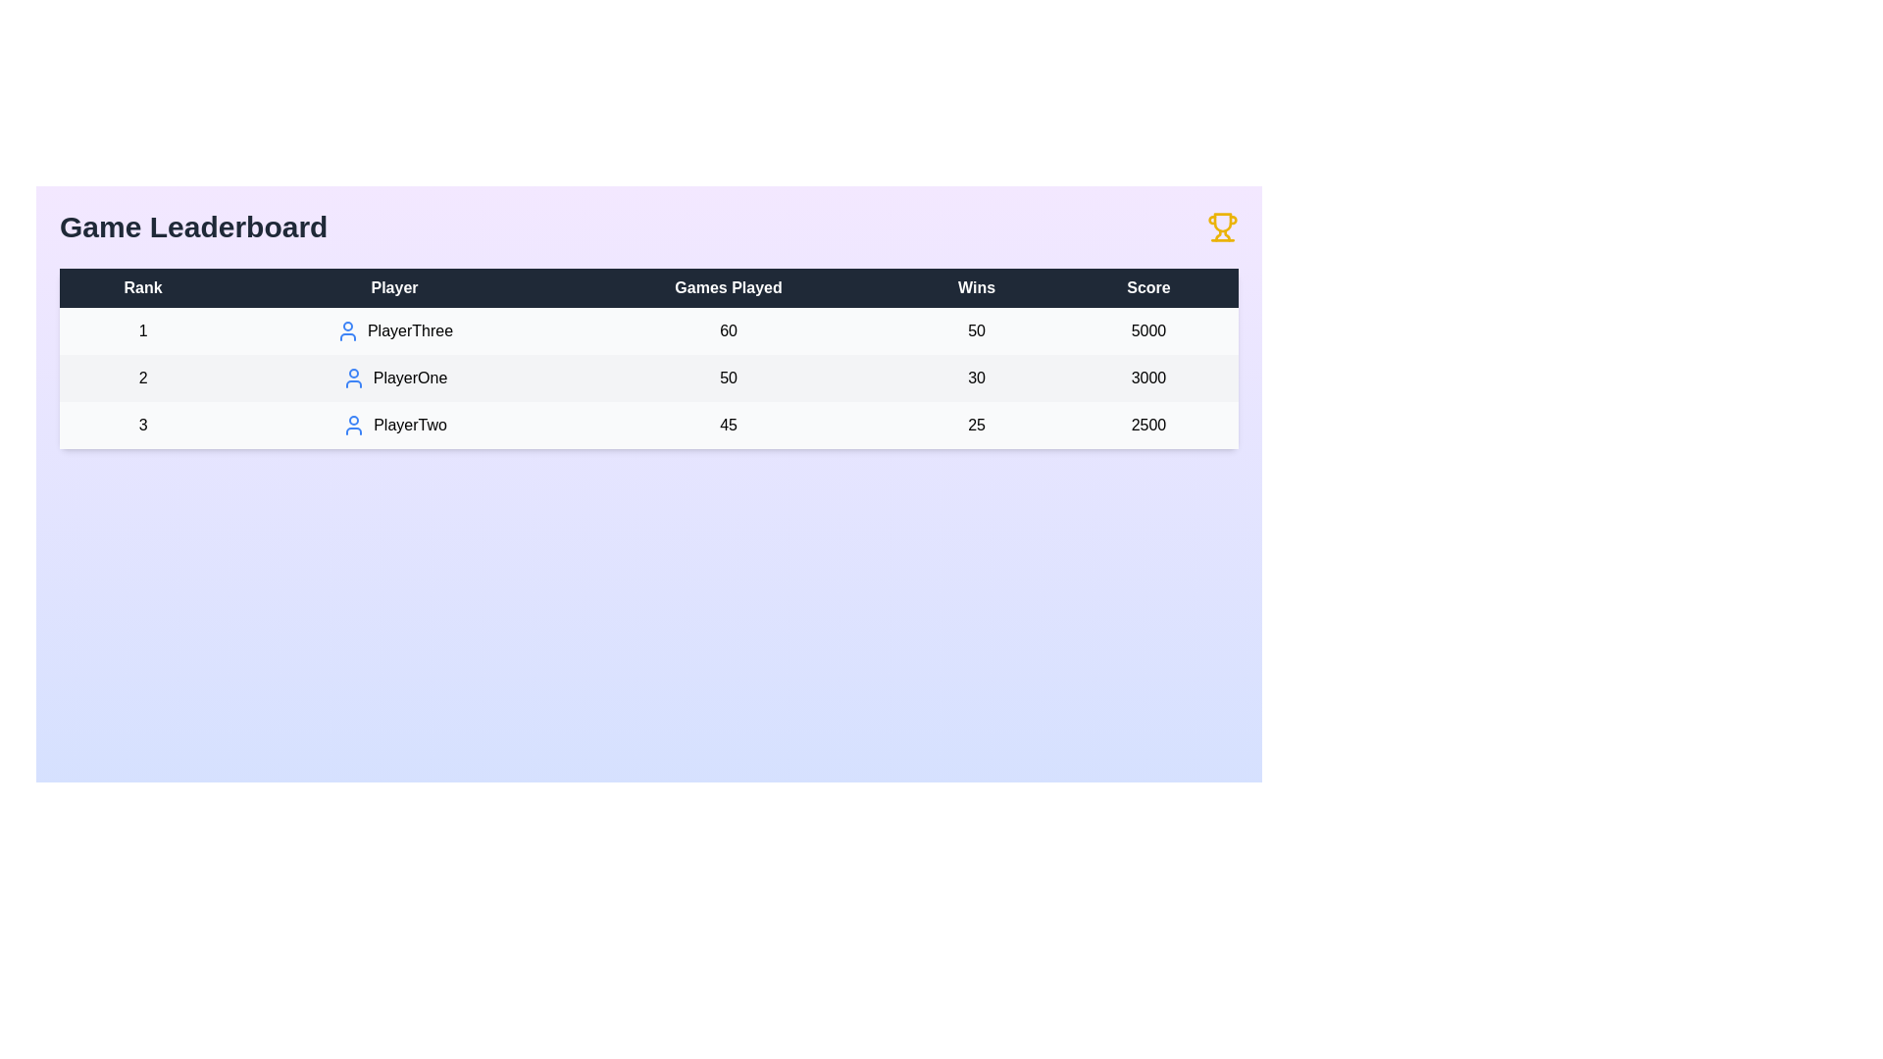 The height and width of the screenshot is (1059, 1883). What do you see at coordinates (354, 425) in the screenshot?
I see `icon representing 'PlayerTwo' located in the third row of the leaderboard table as the second element horizontally` at bounding box center [354, 425].